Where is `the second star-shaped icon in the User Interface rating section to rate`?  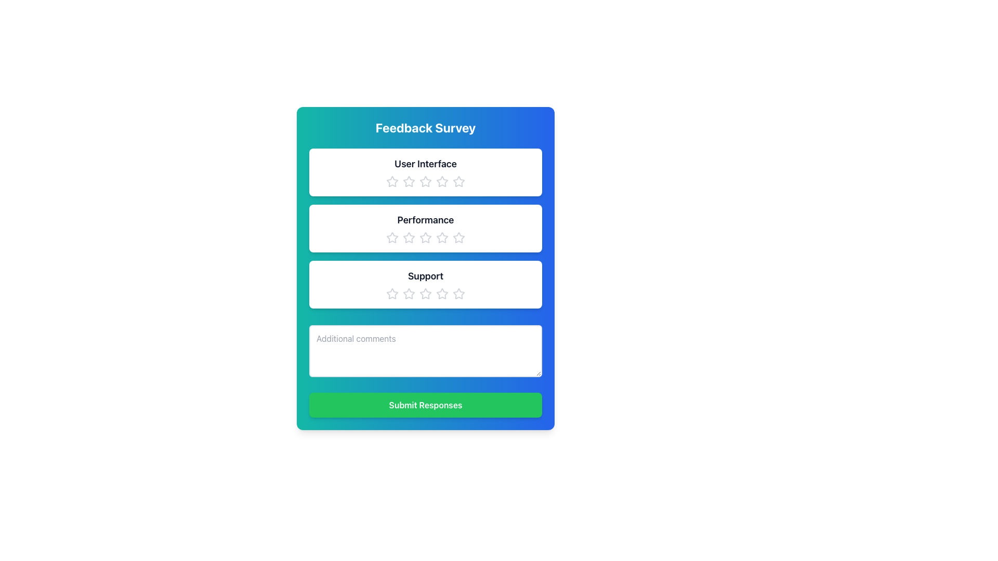 the second star-shaped icon in the User Interface rating section to rate is located at coordinates (409, 181).